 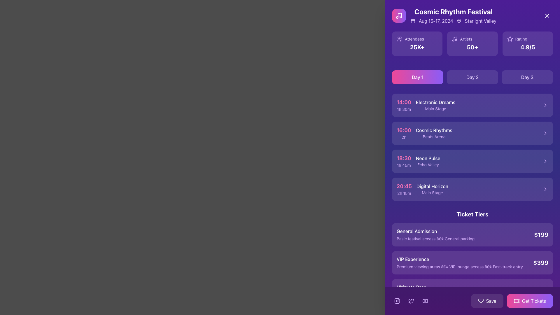 I want to click on the third list item displaying the scheduled festival event 'Neon Pulse', so click(x=473, y=161).